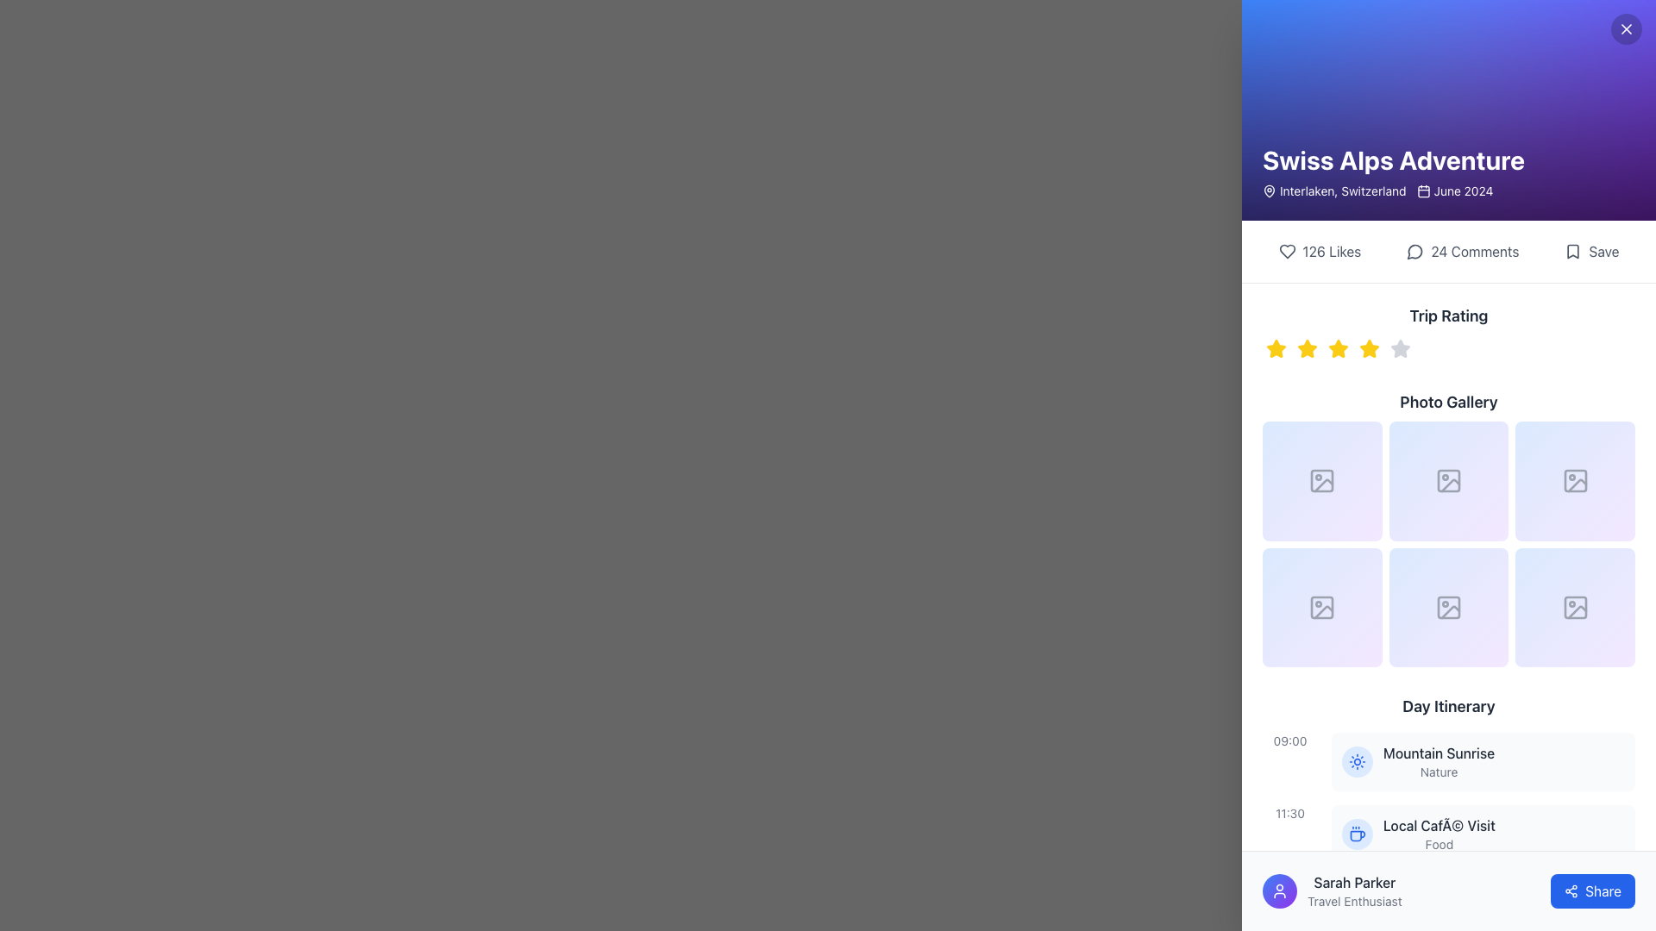 The width and height of the screenshot is (1656, 931). Describe the element at coordinates (1342, 191) in the screenshot. I see `the label displaying 'Interlaken, Switzerland' which is positioned on a dark gradient background and aligned with other elements` at that location.